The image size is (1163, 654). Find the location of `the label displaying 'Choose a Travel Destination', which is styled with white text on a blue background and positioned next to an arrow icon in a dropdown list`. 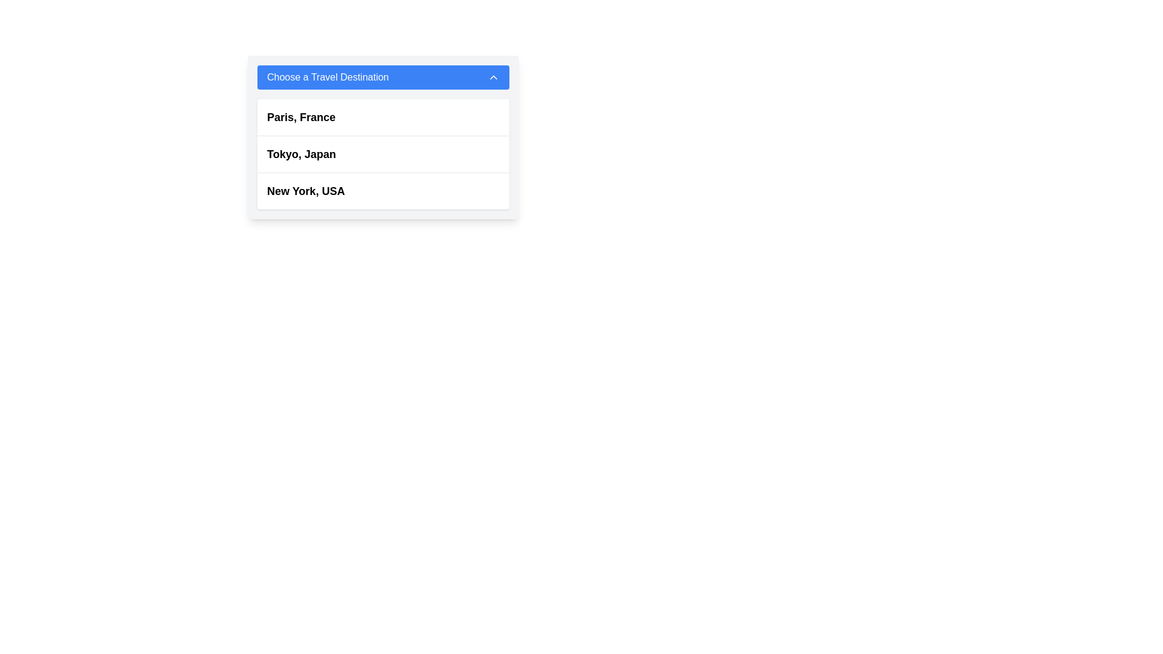

the label displaying 'Choose a Travel Destination', which is styled with white text on a blue background and positioned next to an arrow icon in a dropdown list is located at coordinates (328, 77).